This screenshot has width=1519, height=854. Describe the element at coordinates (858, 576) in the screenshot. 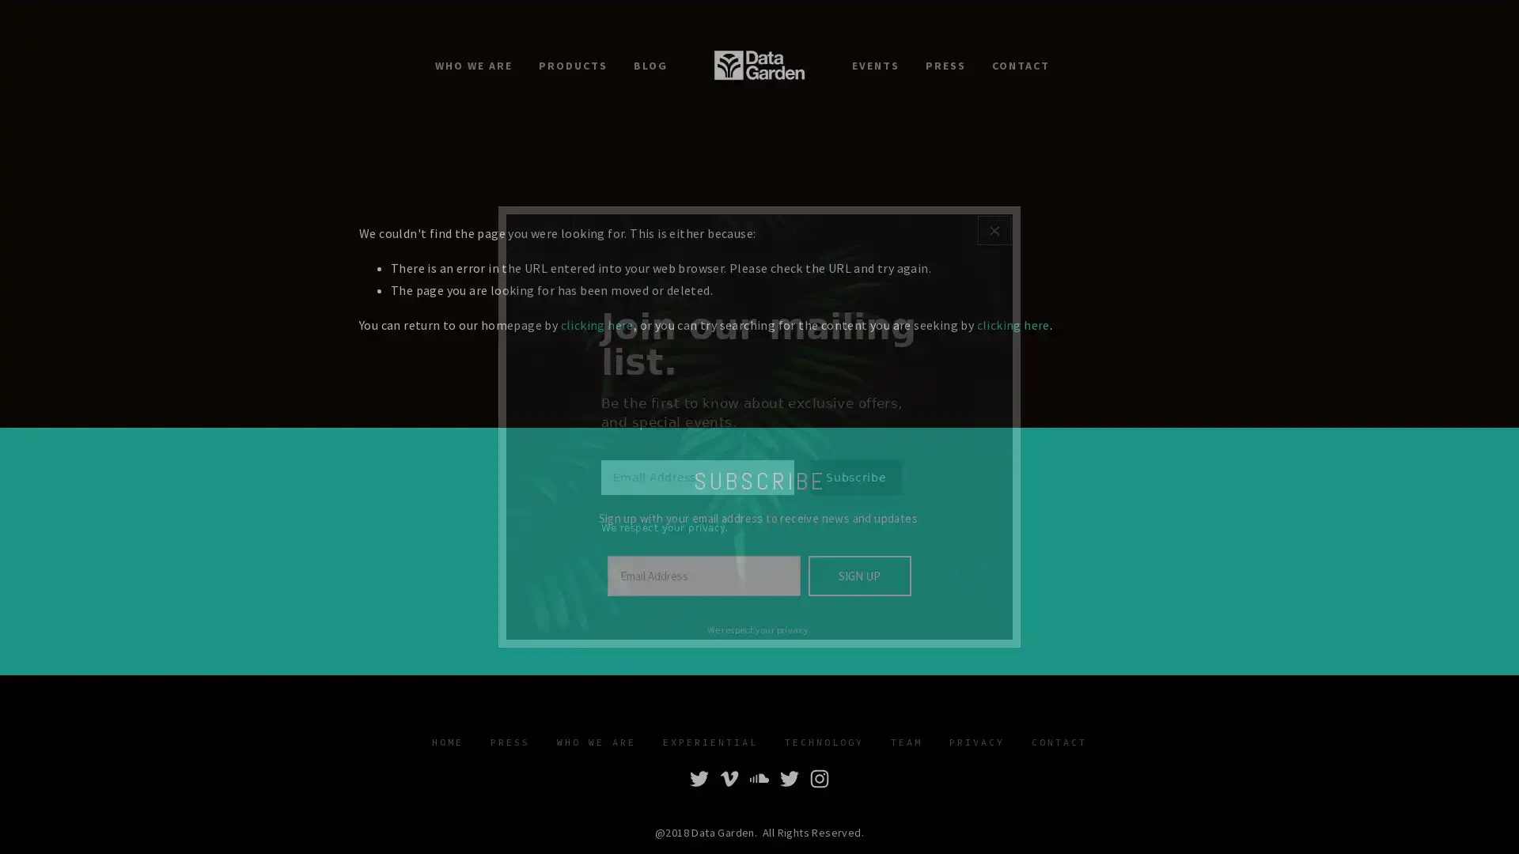

I see `SIGN UP` at that location.